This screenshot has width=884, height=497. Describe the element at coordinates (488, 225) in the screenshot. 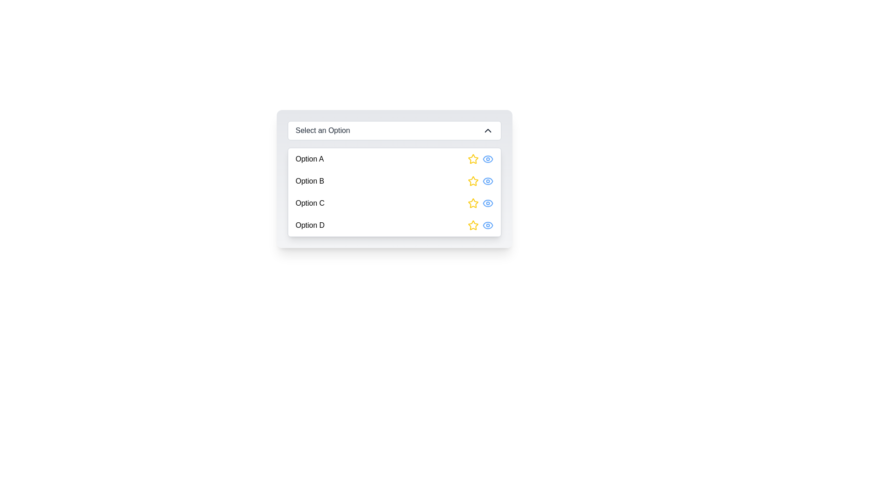

I see `the second icon in the horizontal alignment beside the text 'Option D' in the dropdown list` at that location.